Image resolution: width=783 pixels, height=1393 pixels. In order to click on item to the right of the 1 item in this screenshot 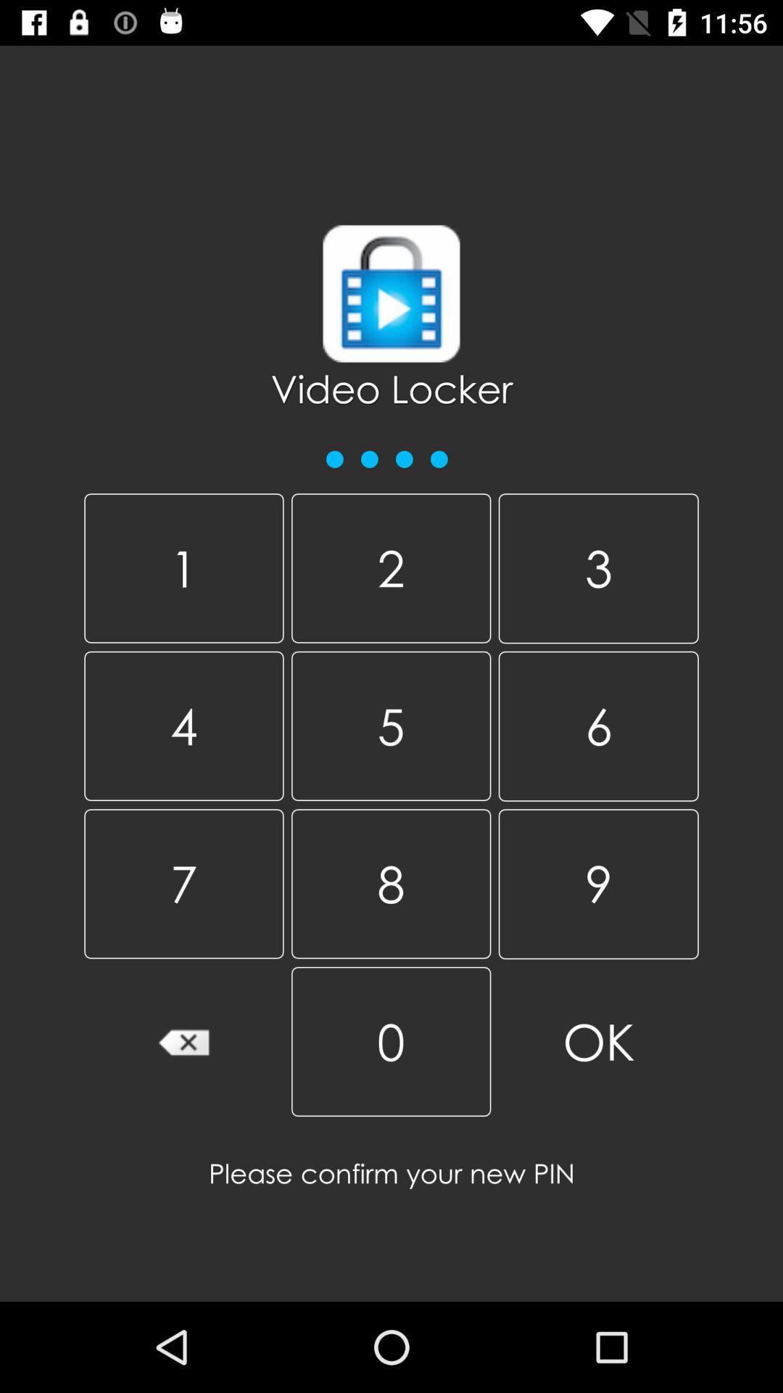, I will do `click(390, 726)`.